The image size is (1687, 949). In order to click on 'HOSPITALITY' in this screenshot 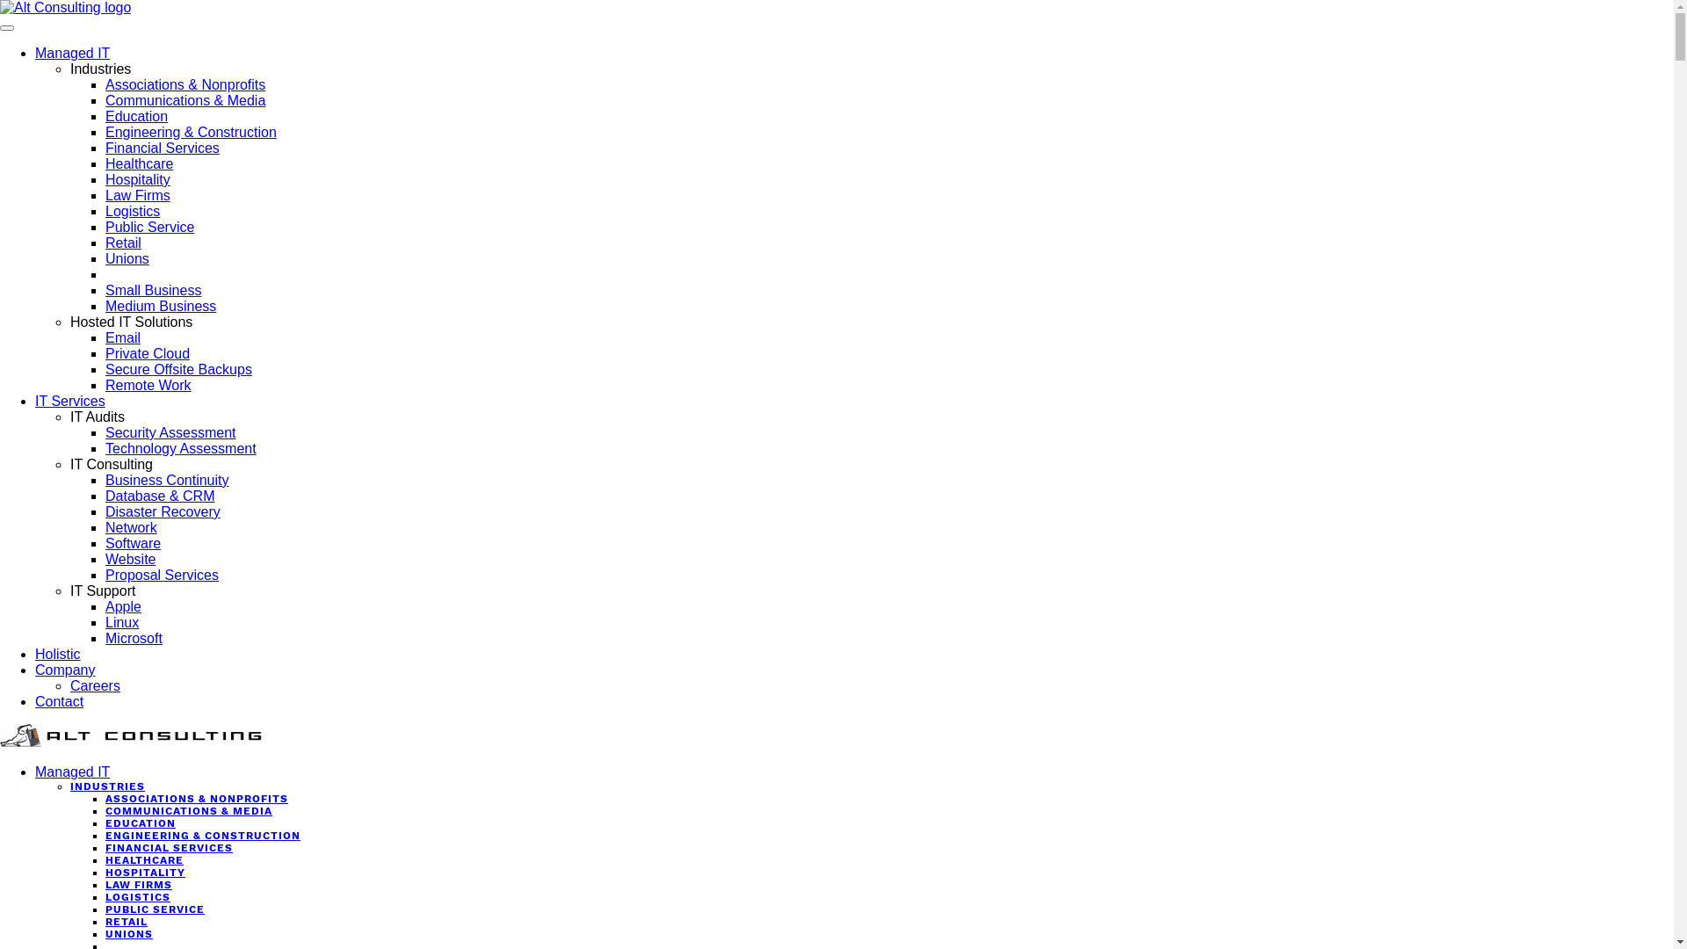, I will do `click(145, 872)`.